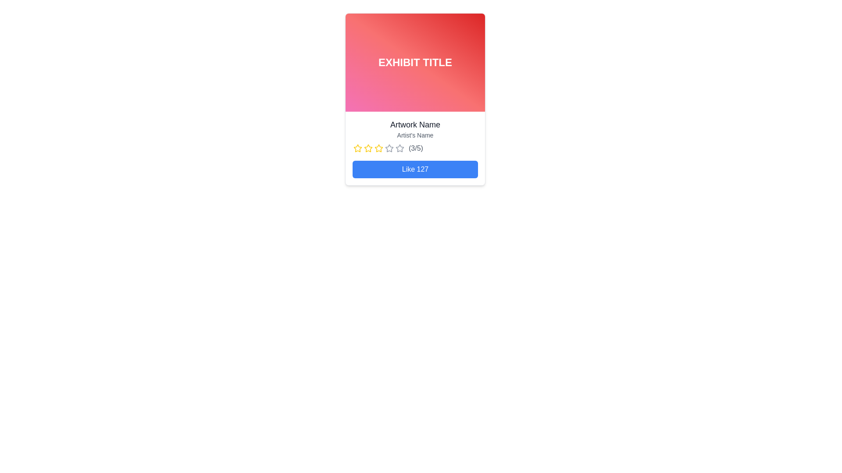 This screenshot has width=842, height=473. Describe the element at coordinates (358, 148) in the screenshot. I see `the first star icon in the rating system below 'Artwork Name' and 'Artist's Name' to interact with the rating system` at that location.